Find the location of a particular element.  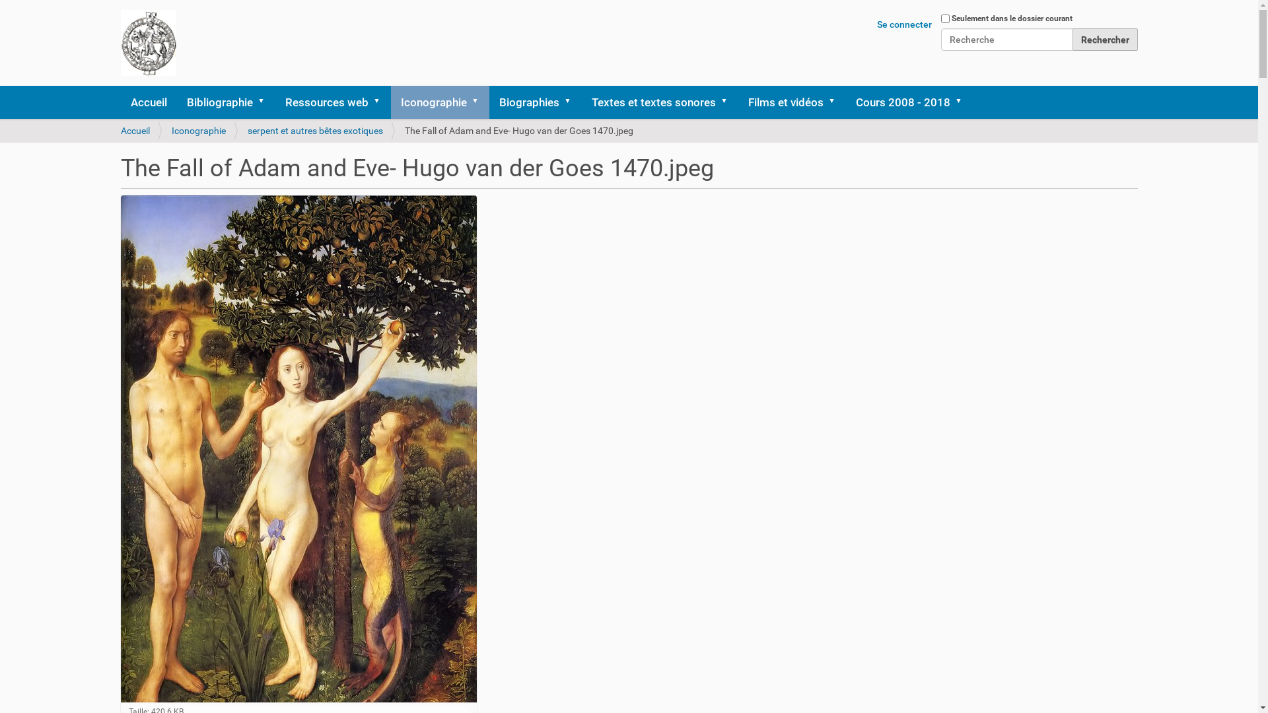

'Textes et textes sonores' is located at coordinates (581, 101).